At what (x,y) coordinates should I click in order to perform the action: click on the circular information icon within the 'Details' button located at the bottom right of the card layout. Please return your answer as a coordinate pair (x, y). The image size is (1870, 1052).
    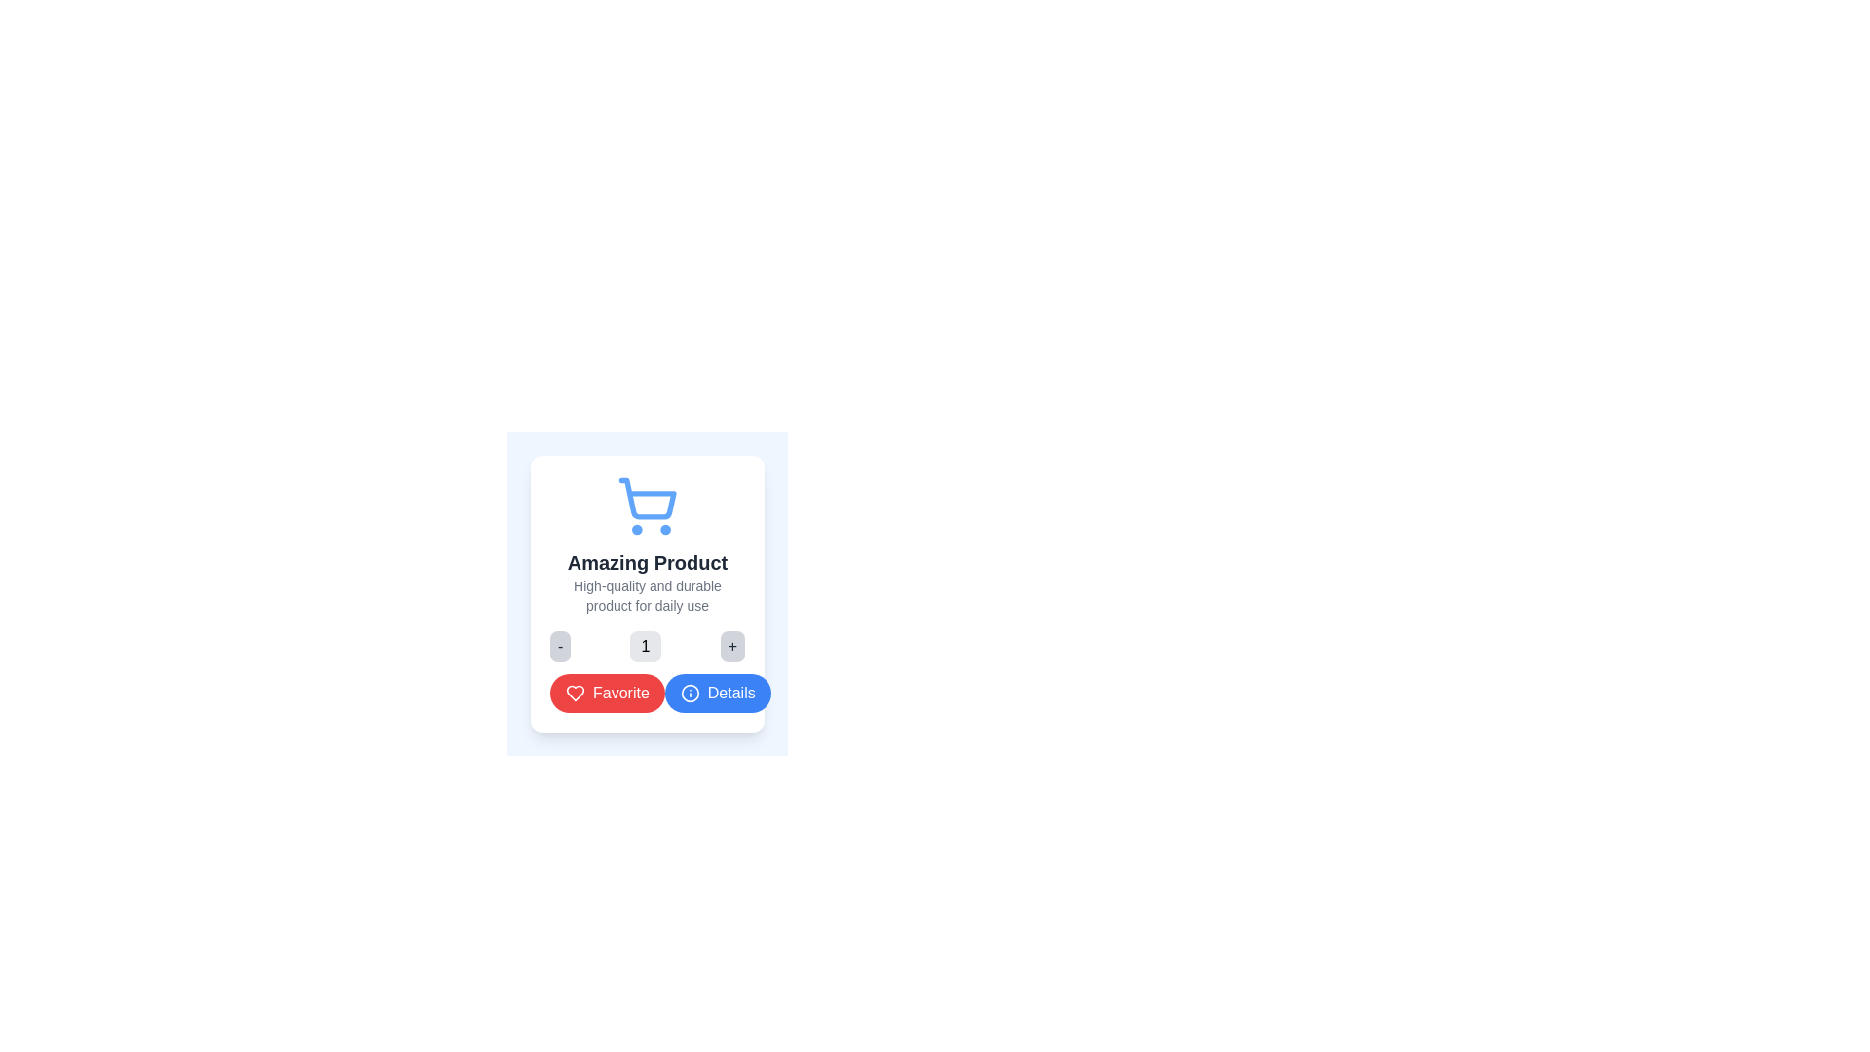
    Looking at the image, I should click on (690, 693).